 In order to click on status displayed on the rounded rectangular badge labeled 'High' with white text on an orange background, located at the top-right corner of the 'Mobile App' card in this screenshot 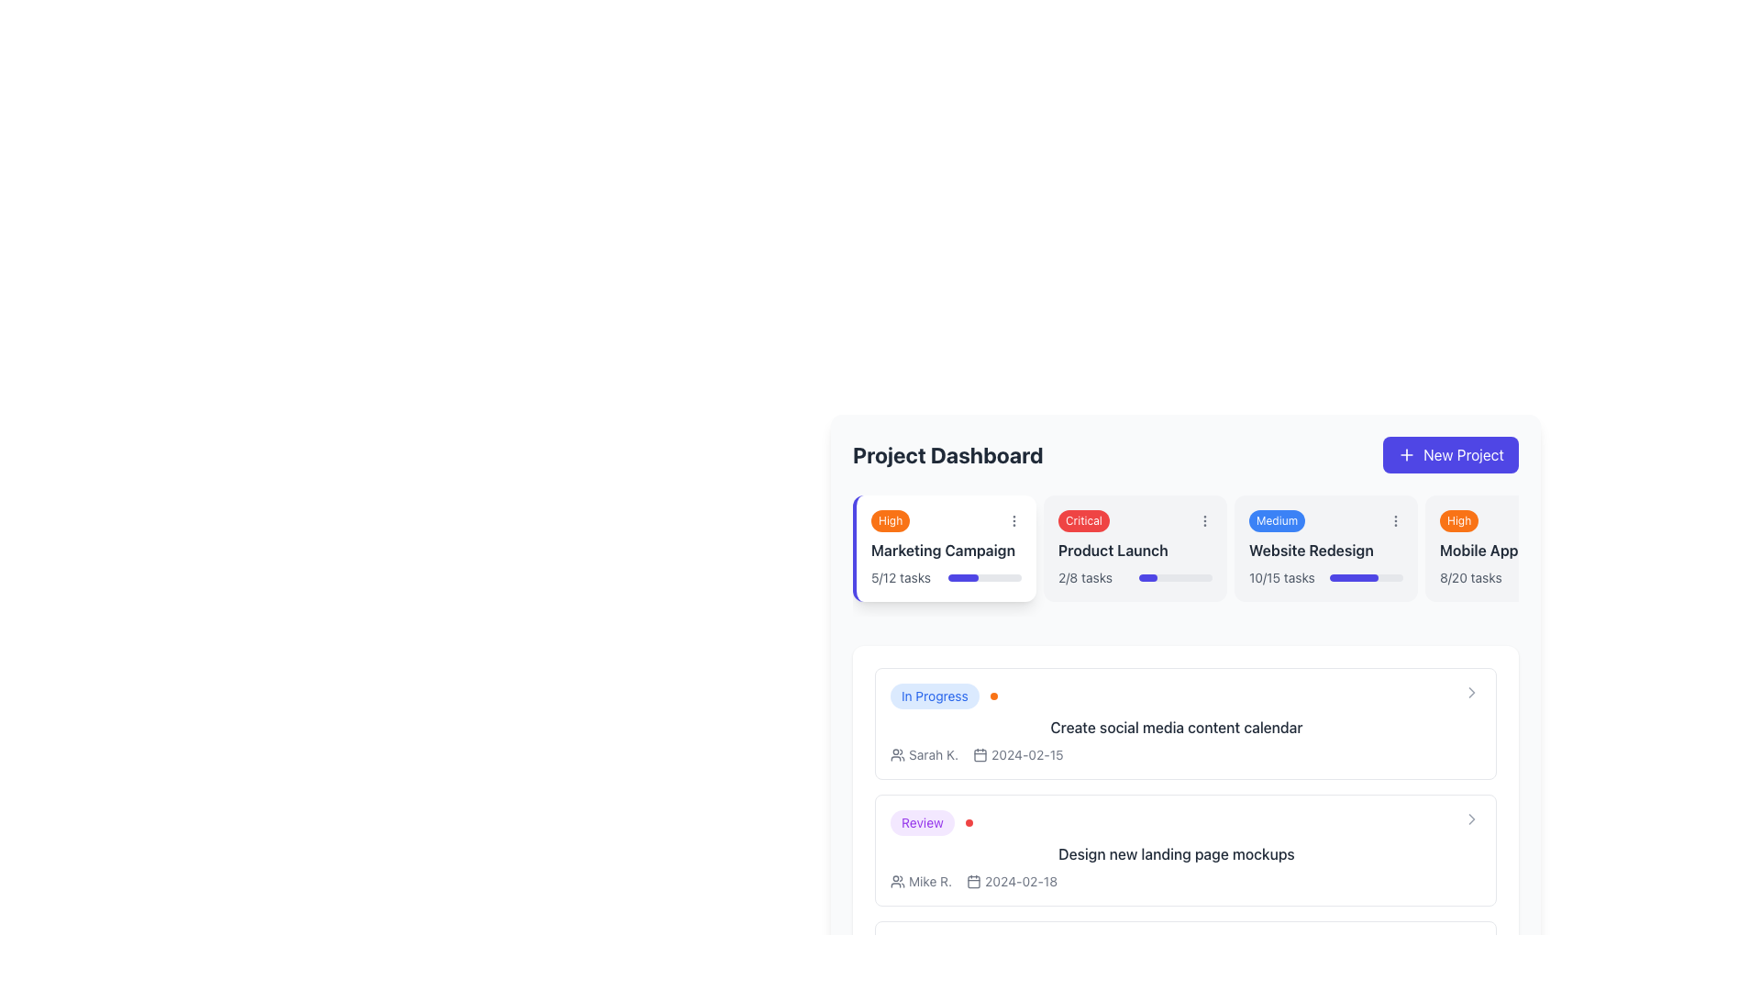, I will do `click(1458, 520)`.